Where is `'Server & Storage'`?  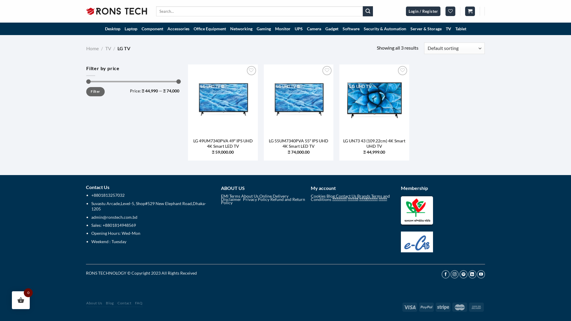 'Server & Storage' is located at coordinates (408, 29).